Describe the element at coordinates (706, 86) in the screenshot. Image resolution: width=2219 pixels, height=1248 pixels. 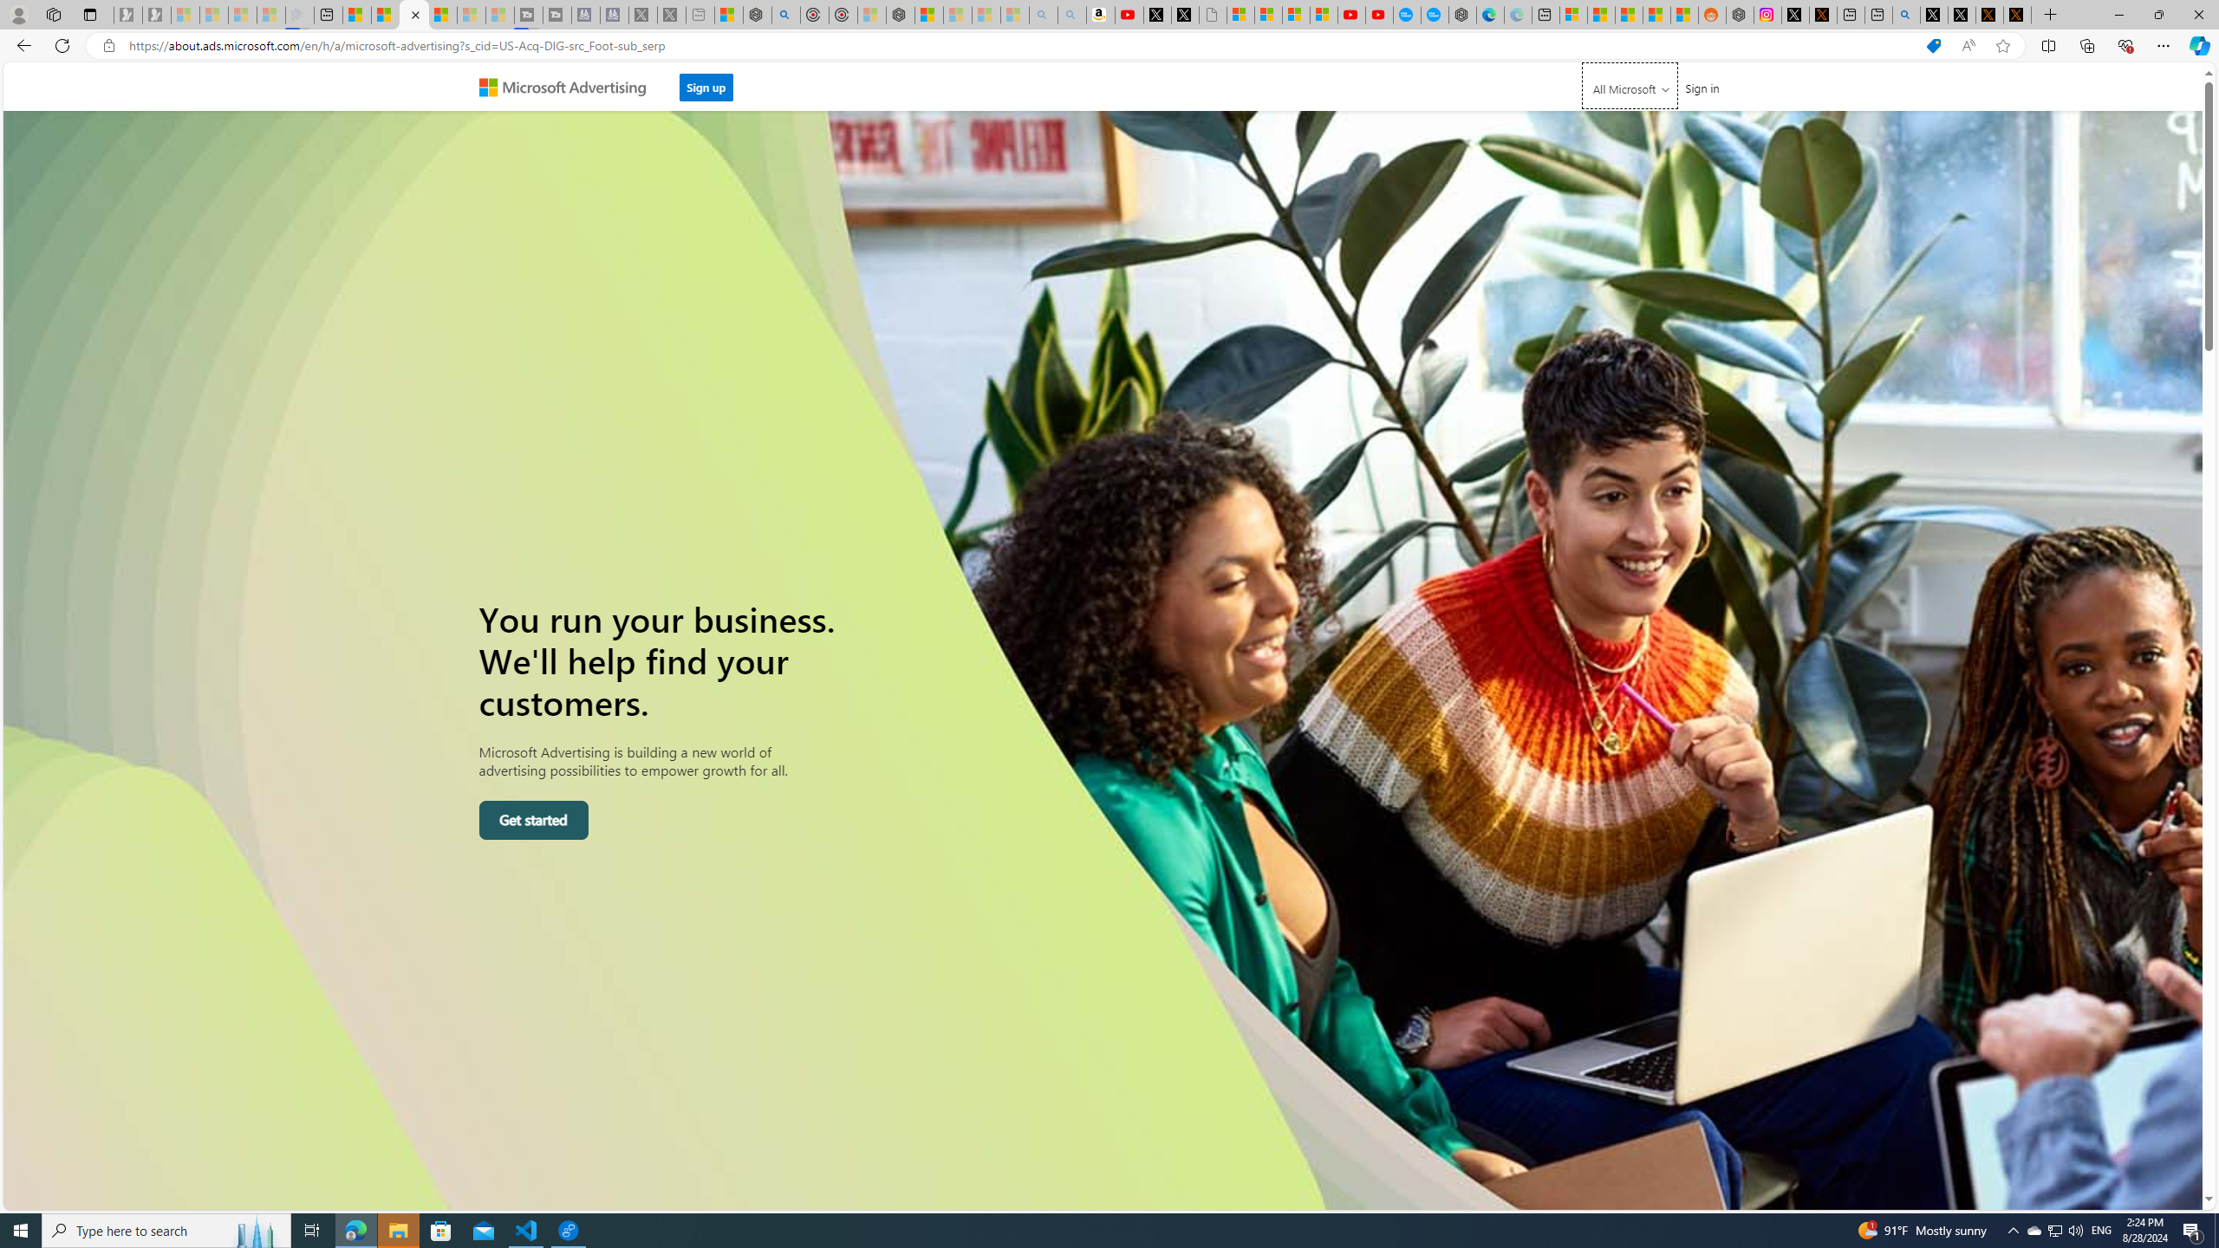
I see `'Sign up'` at that location.